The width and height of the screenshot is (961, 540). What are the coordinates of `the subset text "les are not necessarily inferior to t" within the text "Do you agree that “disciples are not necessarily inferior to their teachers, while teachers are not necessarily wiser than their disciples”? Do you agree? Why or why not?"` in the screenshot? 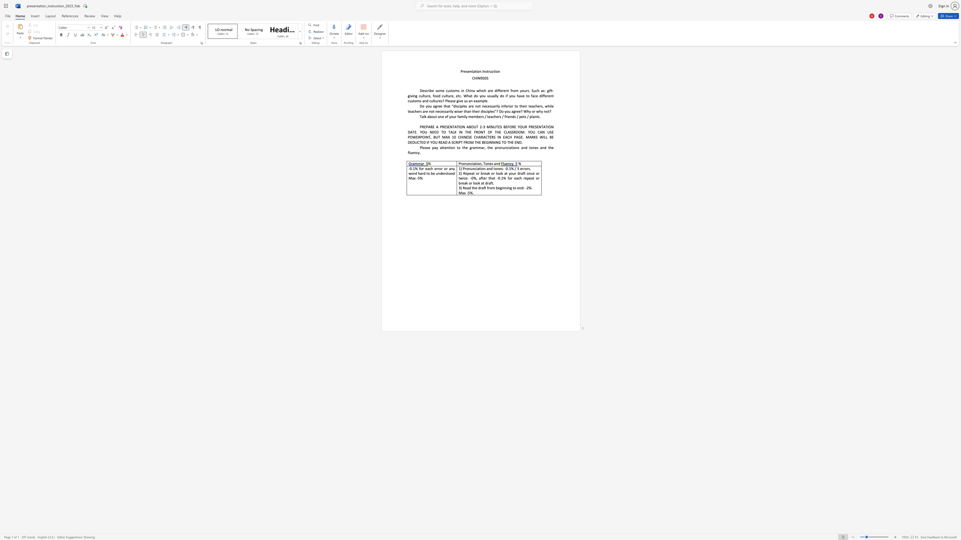 It's located at (462, 105).